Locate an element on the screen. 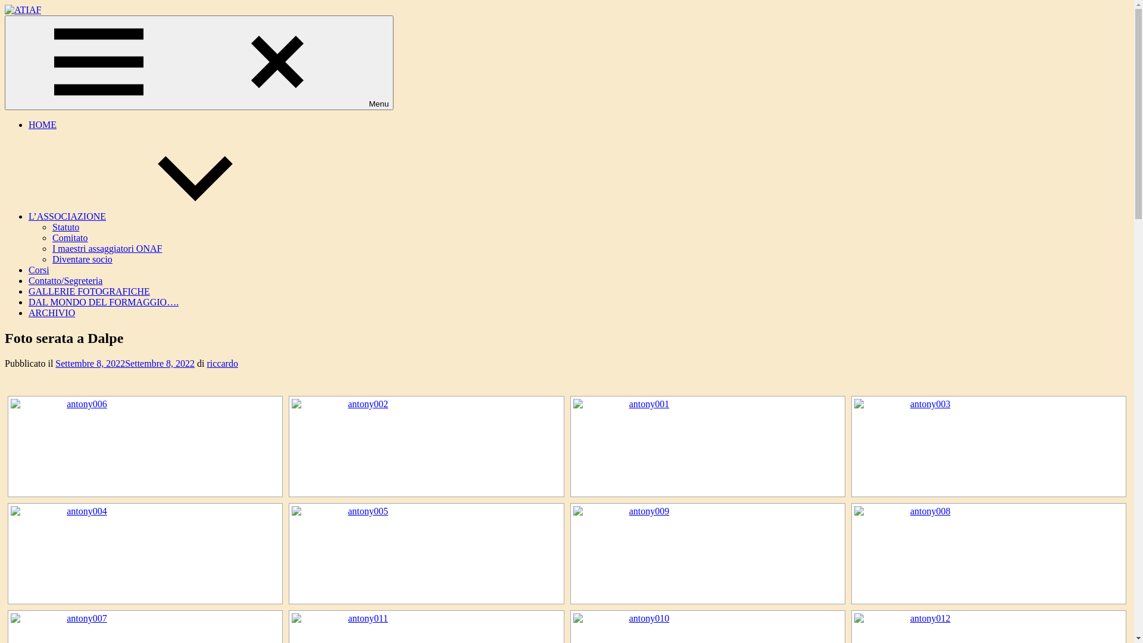 This screenshot has height=643, width=1143. 'GALLERIE FOTOGRAFICHE' is located at coordinates (88, 291).